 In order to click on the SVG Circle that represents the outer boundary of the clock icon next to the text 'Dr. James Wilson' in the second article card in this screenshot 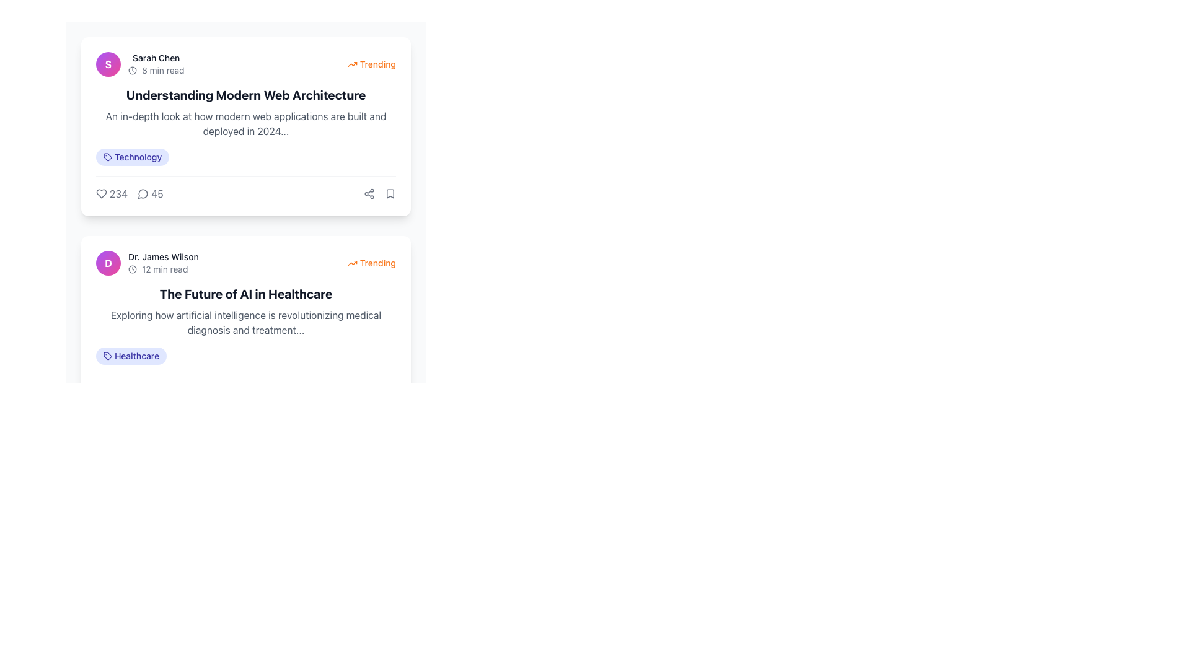, I will do `click(133, 269)`.